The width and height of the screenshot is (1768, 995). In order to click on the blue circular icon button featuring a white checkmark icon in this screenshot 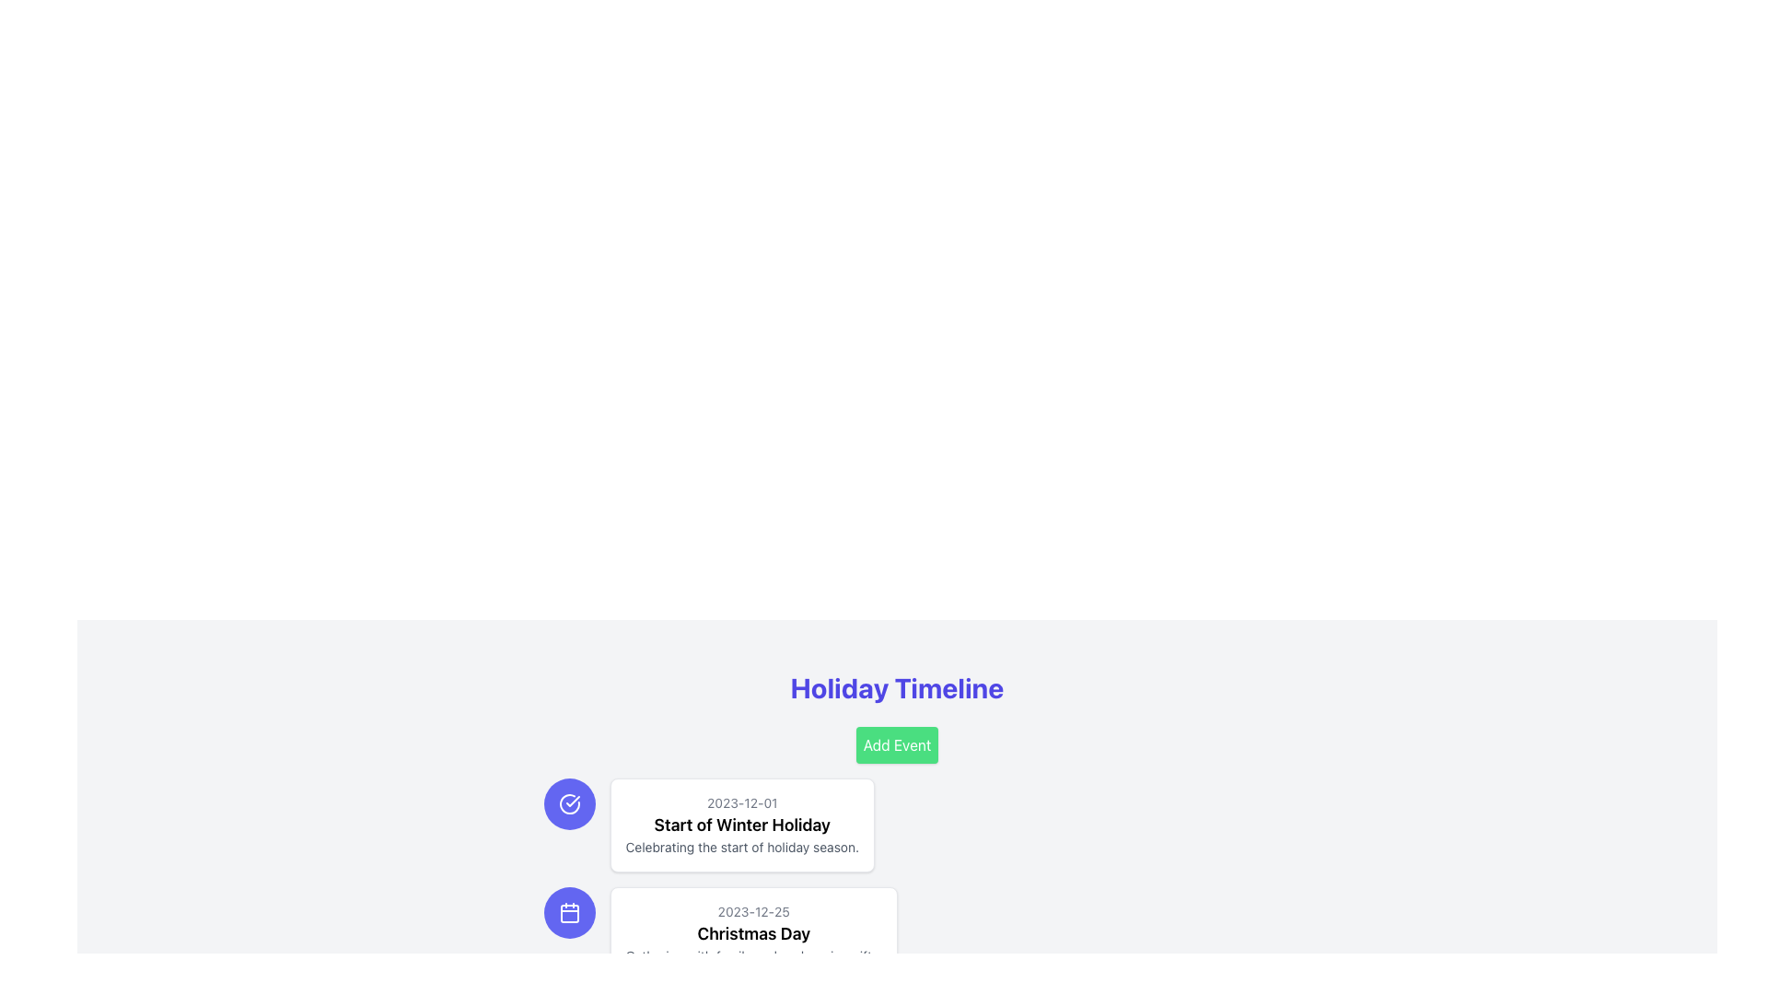, I will do `click(568, 802)`.